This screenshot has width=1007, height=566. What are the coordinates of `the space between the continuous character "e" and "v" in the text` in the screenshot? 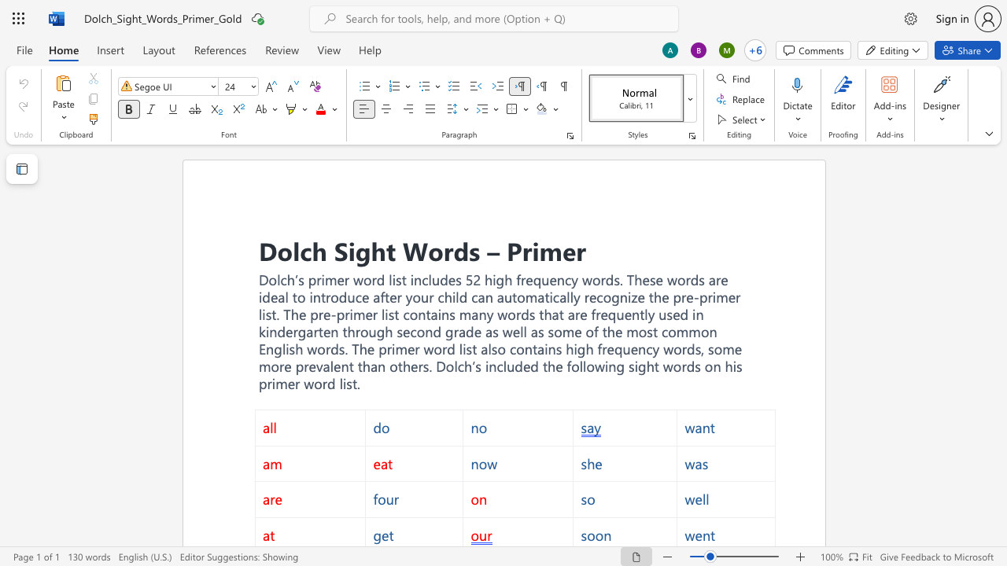 It's located at (315, 366).